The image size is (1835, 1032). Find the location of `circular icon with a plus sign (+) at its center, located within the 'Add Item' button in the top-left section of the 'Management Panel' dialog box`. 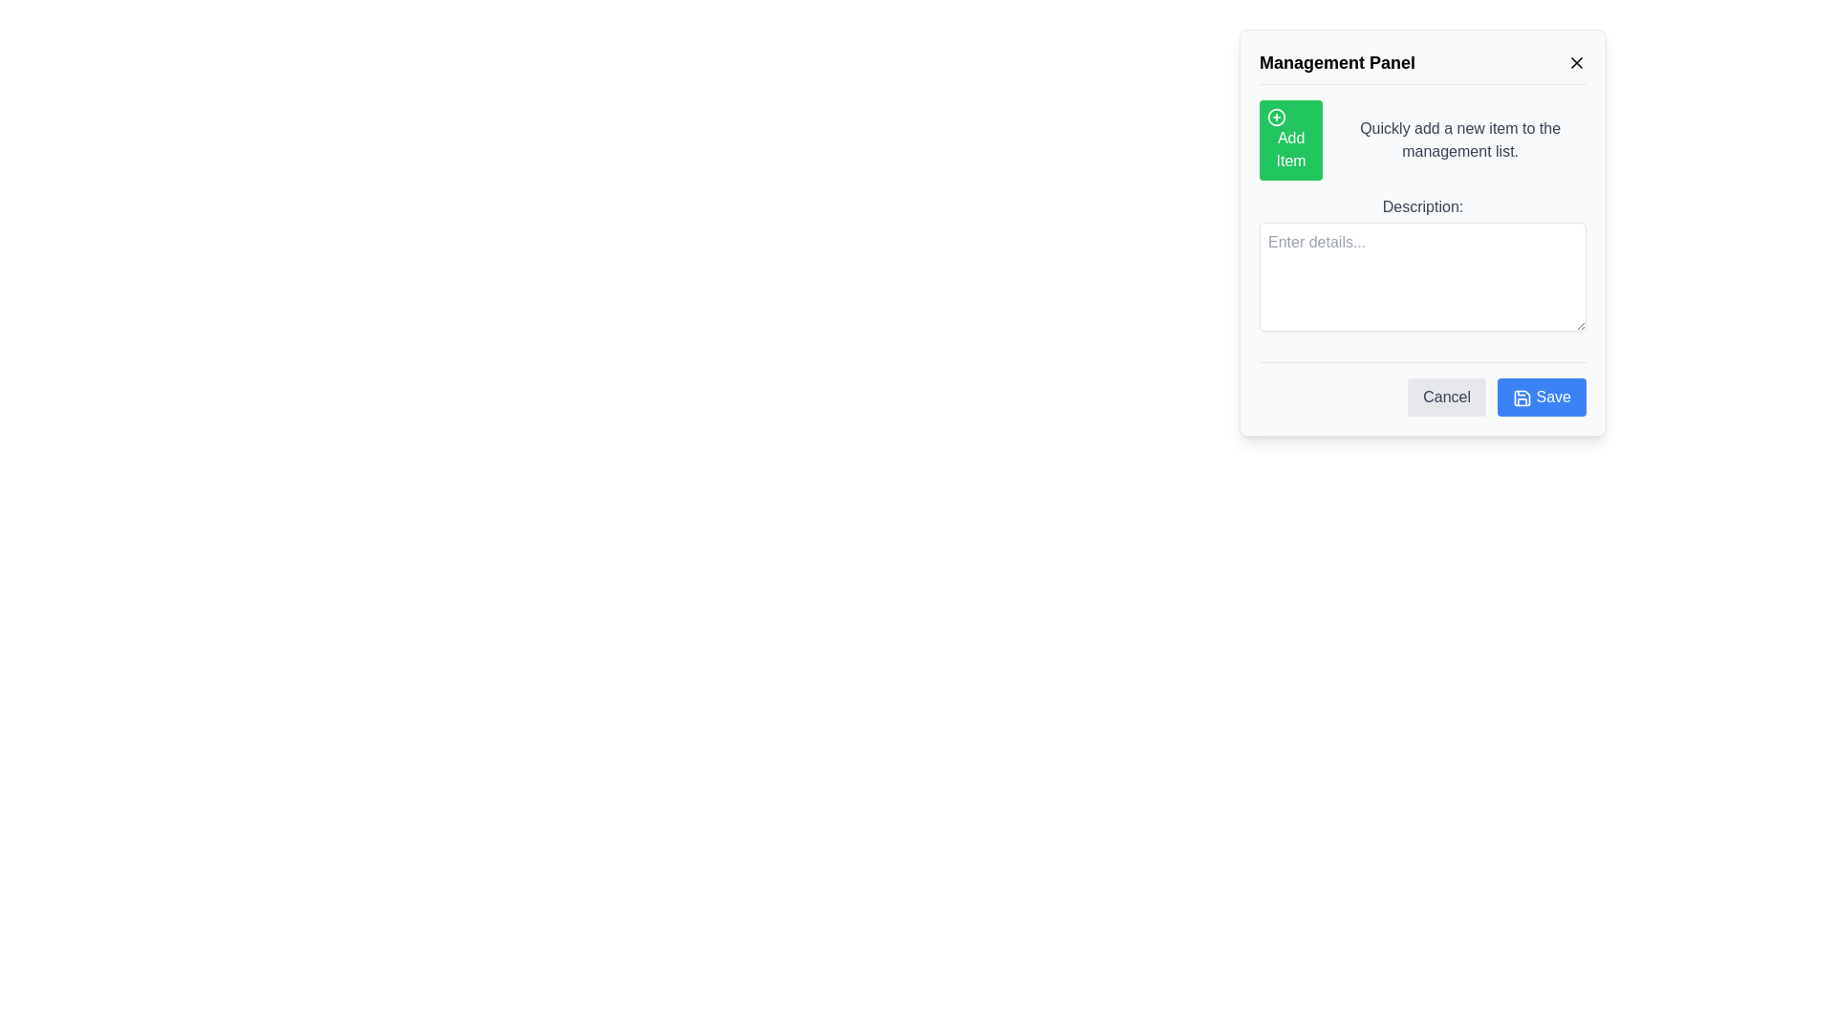

circular icon with a plus sign (+) at its center, located within the 'Add Item' button in the top-left section of the 'Management Panel' dialog box is located at coordinates (1276, 118).